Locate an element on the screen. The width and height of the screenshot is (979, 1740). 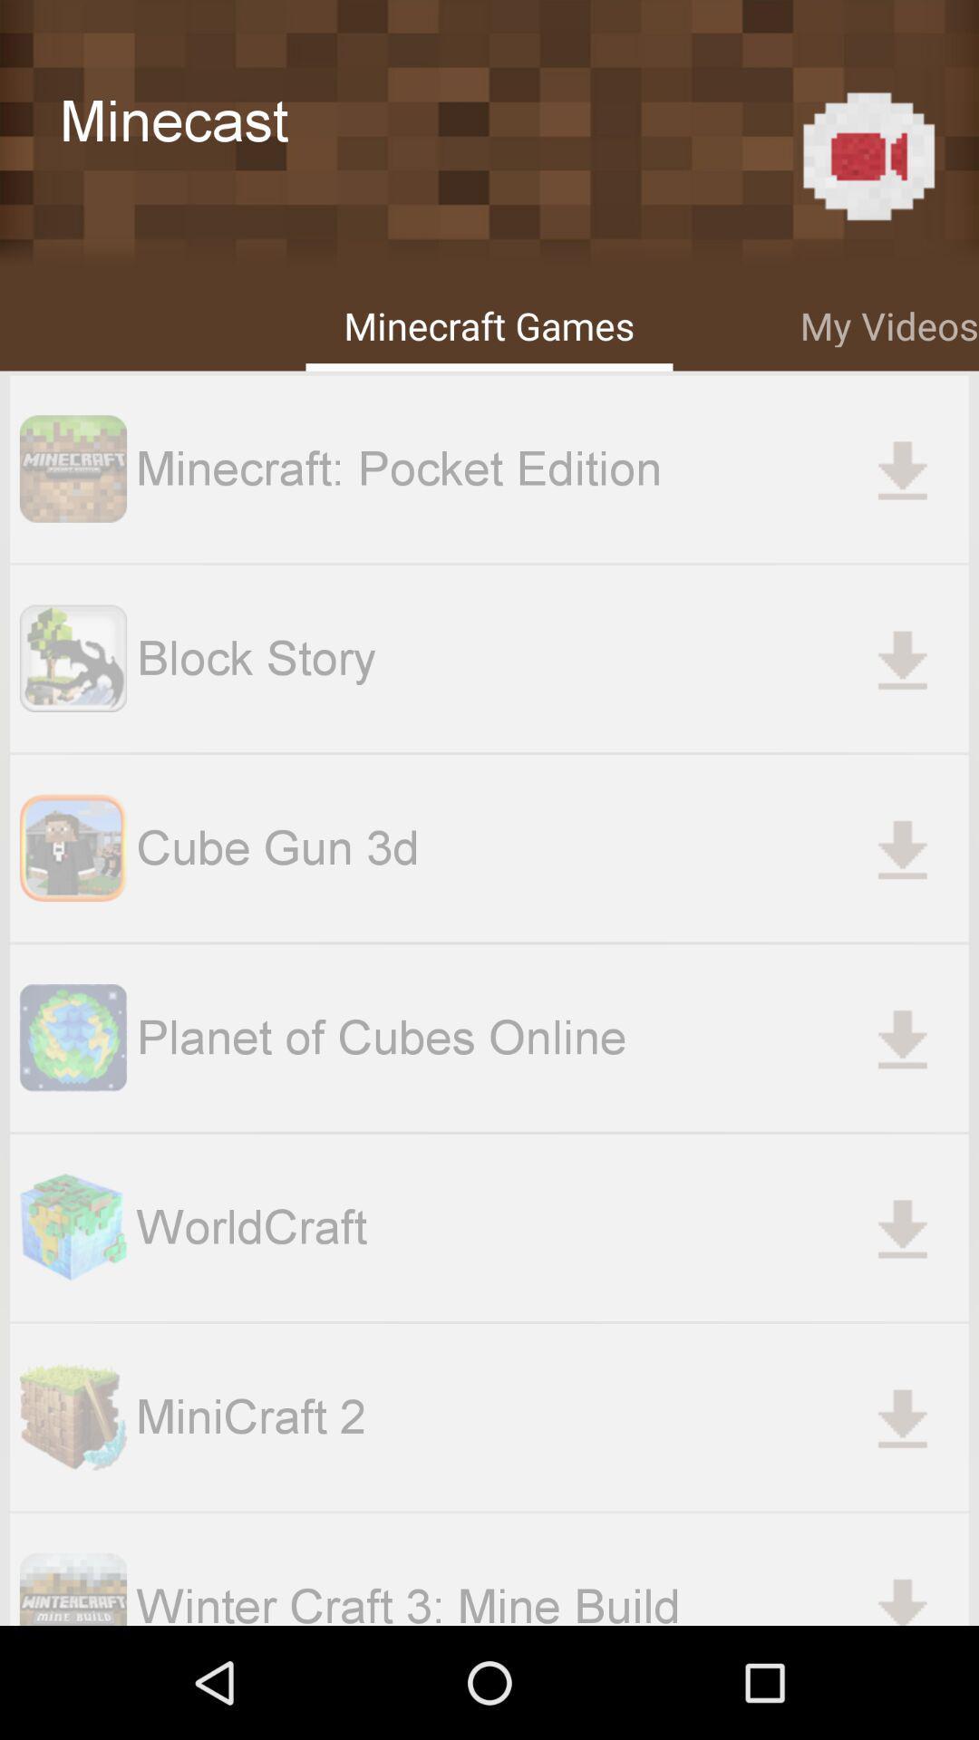
the image beside planet of cubes online is located at coordinates (73, 1038).